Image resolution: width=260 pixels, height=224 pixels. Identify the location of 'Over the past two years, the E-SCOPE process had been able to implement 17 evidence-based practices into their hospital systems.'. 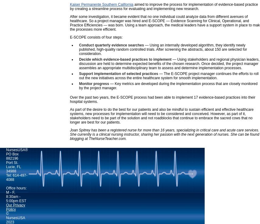
(162, 99).